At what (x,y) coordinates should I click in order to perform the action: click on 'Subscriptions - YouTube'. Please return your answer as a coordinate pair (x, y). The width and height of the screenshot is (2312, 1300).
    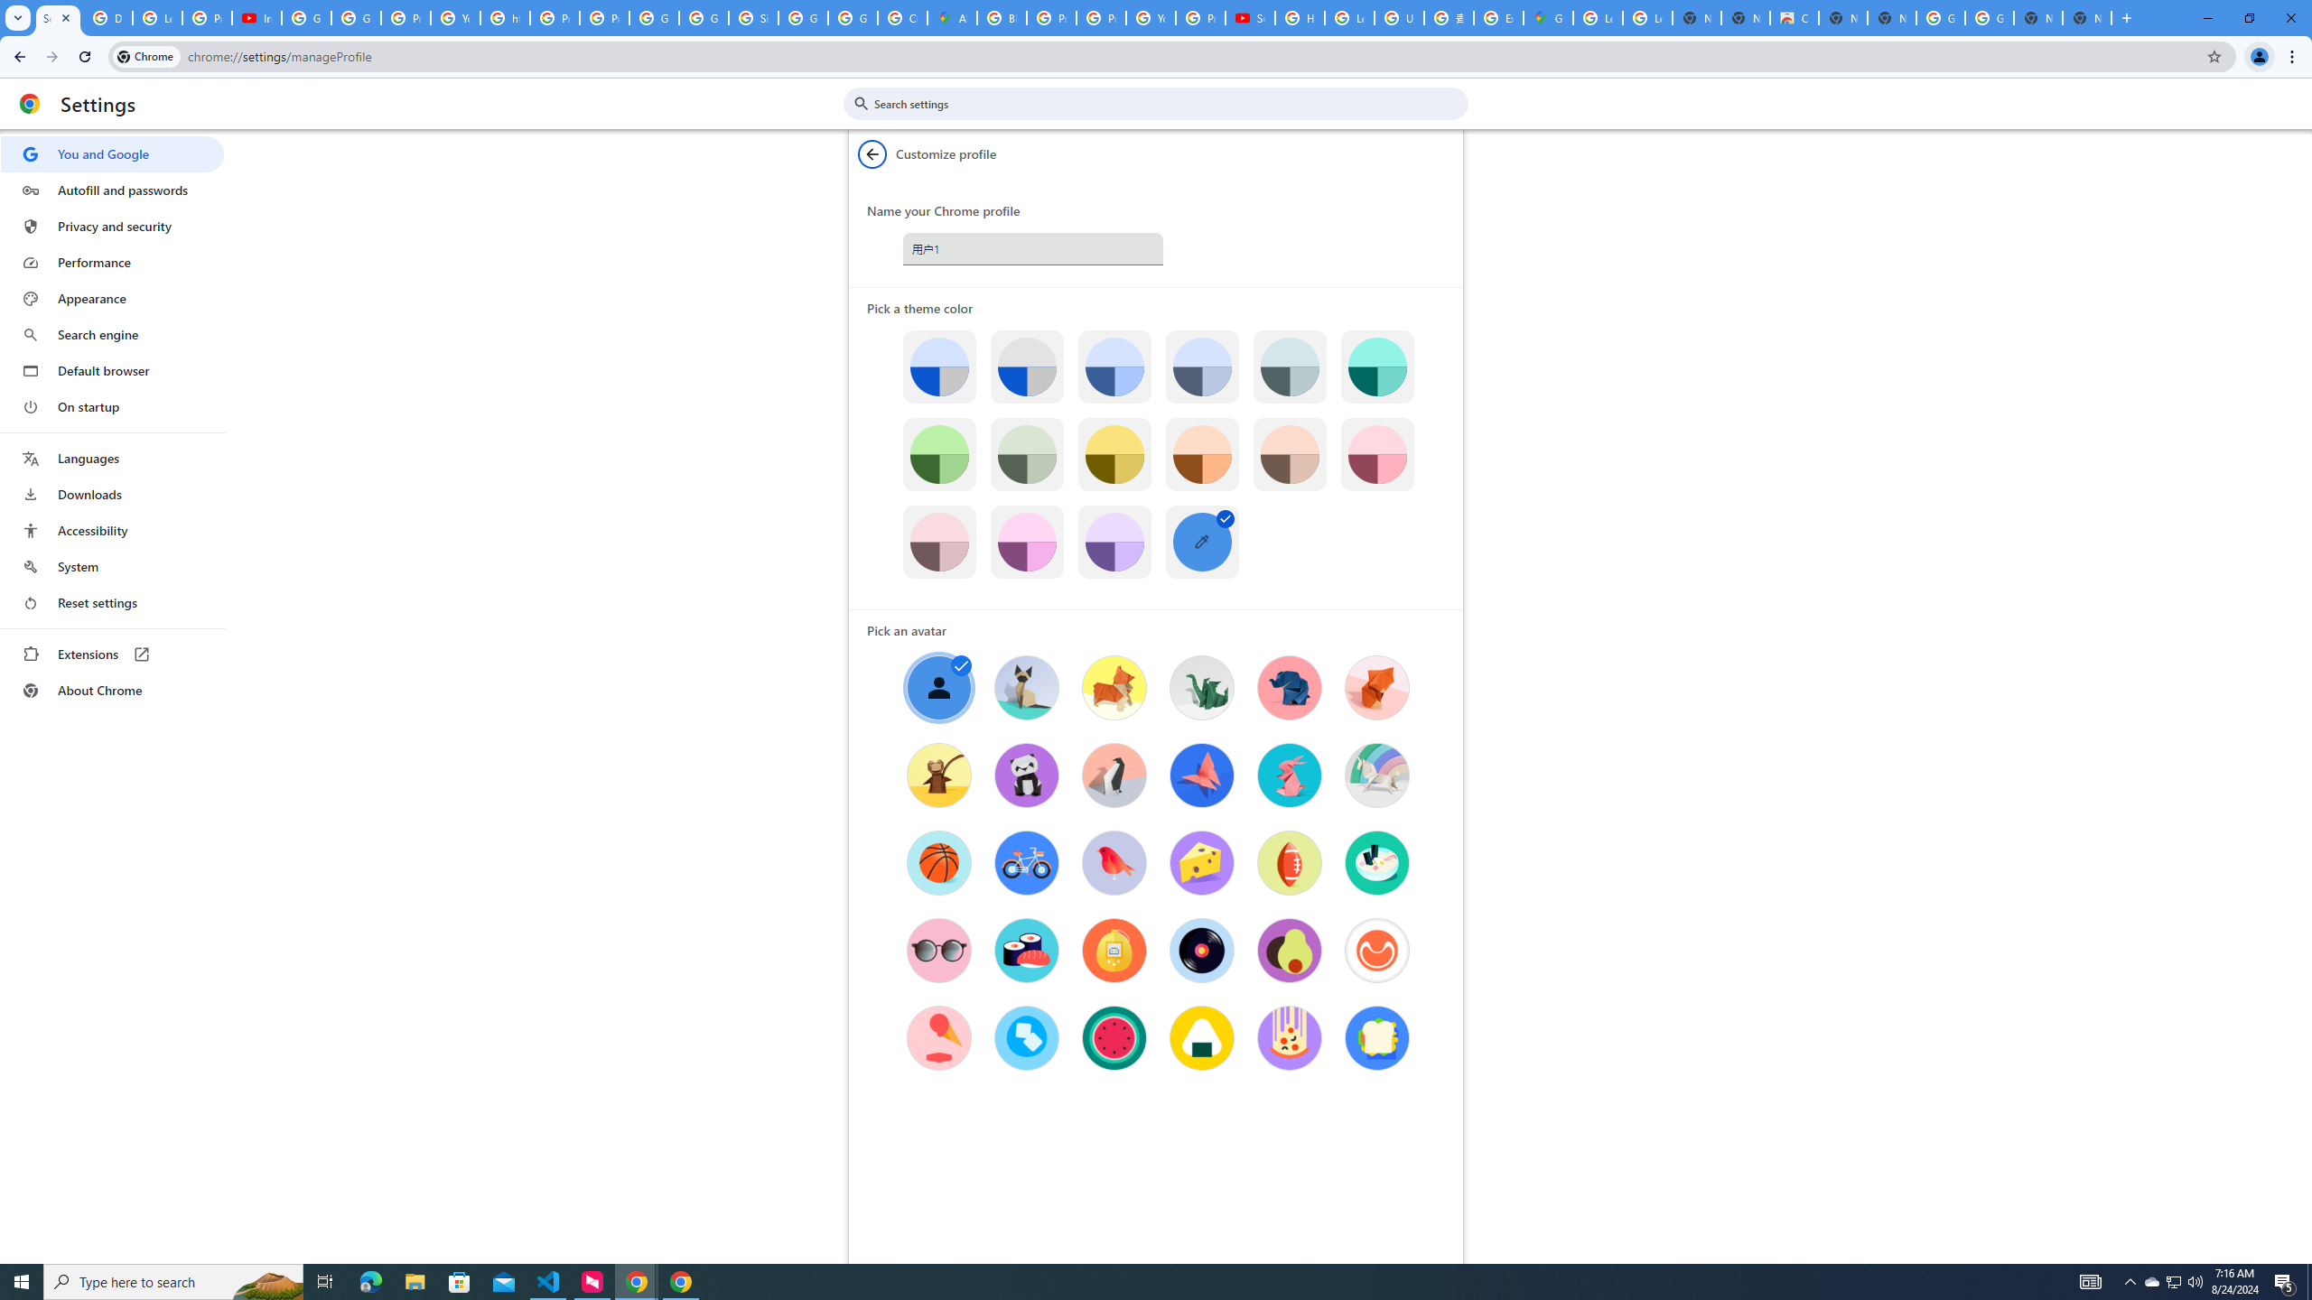
    Looking at the image, I should click on (1249, 17).